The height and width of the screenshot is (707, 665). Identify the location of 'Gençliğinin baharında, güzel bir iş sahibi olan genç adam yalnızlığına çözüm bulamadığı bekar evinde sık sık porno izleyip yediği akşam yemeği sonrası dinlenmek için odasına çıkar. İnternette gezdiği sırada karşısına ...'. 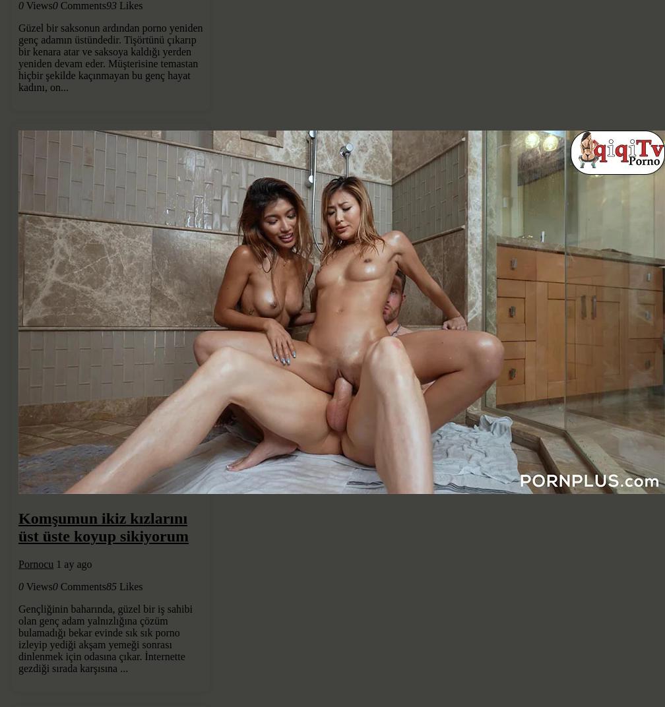
(105, 638).